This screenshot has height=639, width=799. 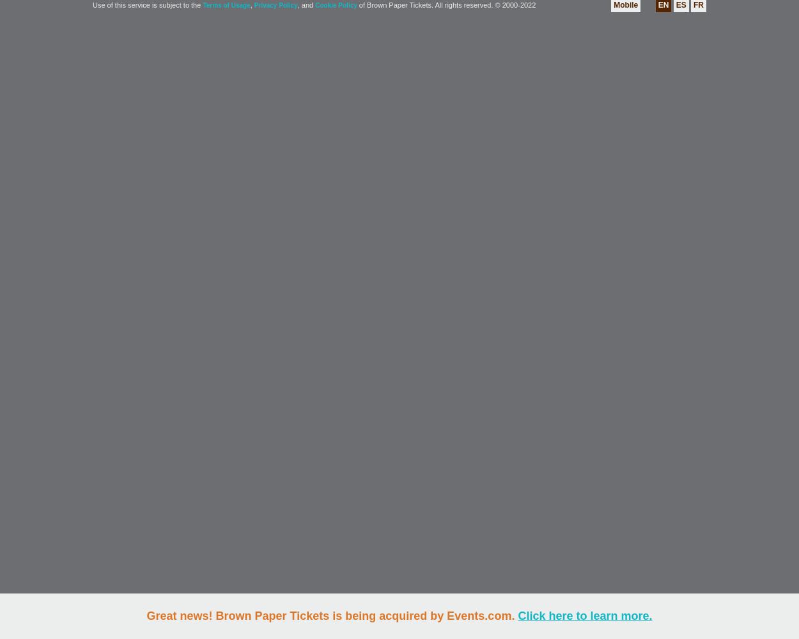 I want to click on 'Great news! Brown Paper Tickets is being acquired by Events.com.', so click(x=332, y=615).